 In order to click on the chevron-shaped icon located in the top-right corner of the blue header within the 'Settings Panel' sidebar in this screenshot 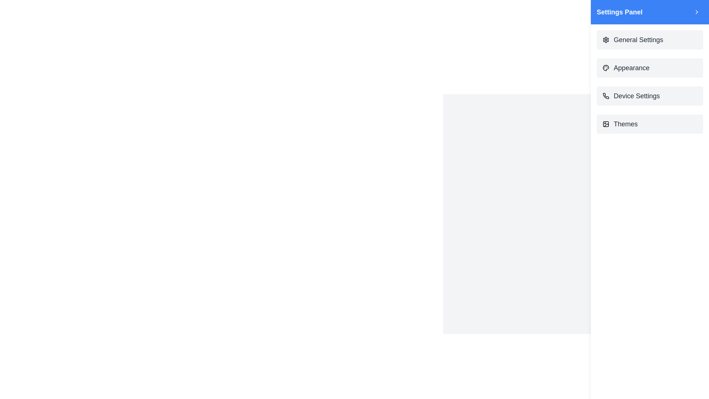, I will do `click(696, 12)`.